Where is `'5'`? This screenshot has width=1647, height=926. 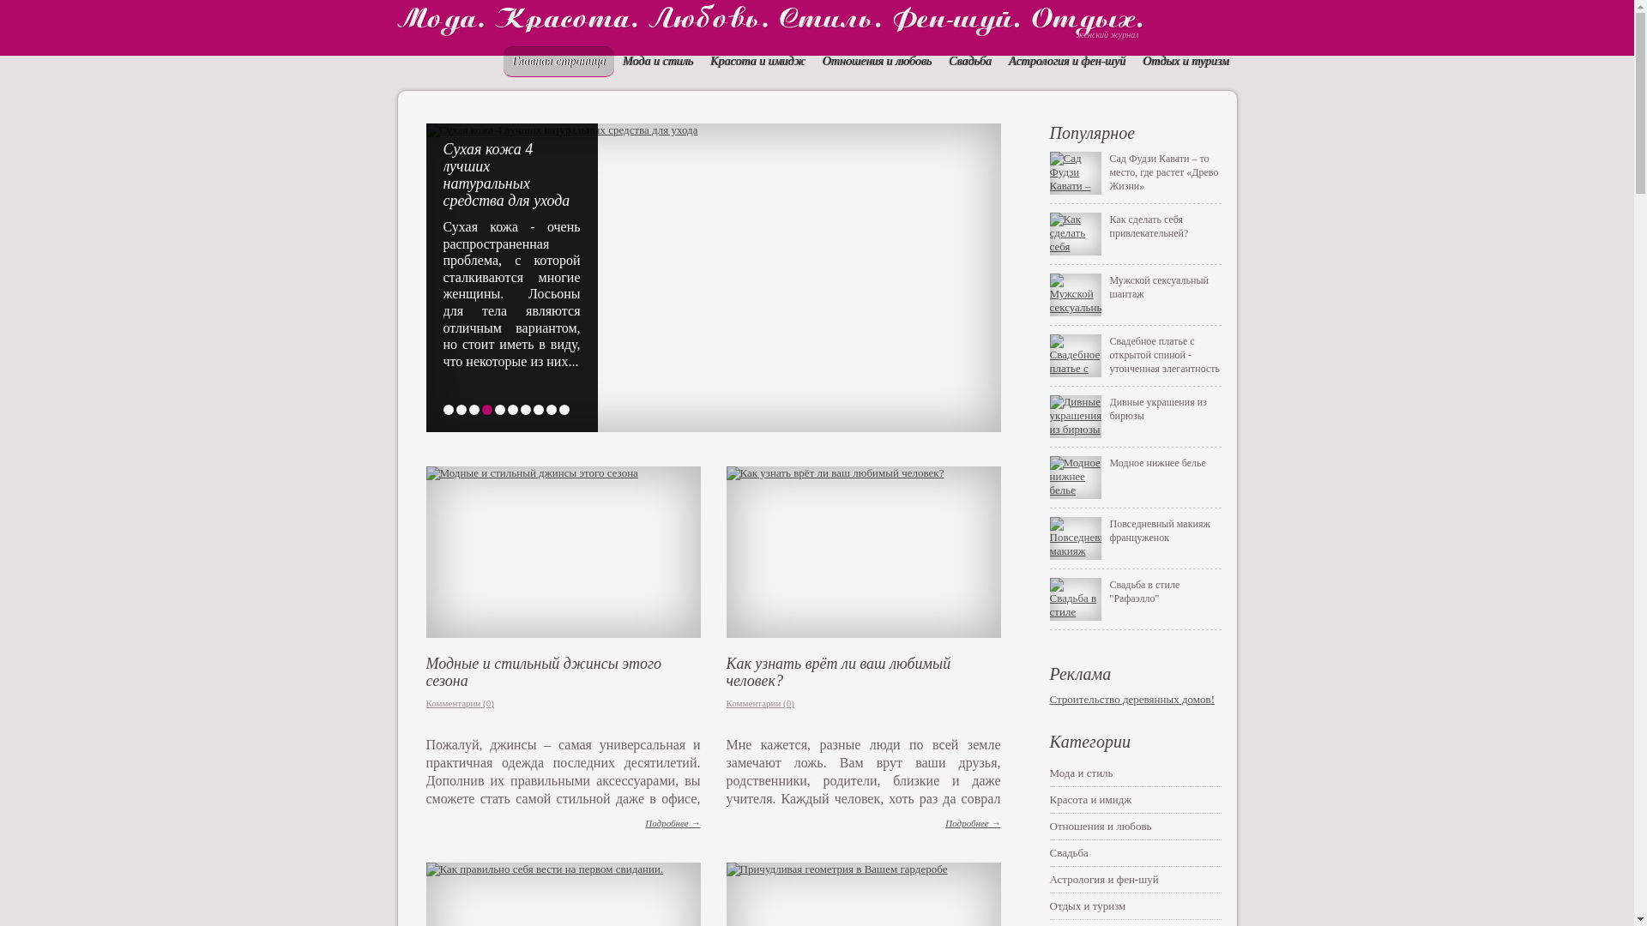
'5' is located at coordinates (493, 410).